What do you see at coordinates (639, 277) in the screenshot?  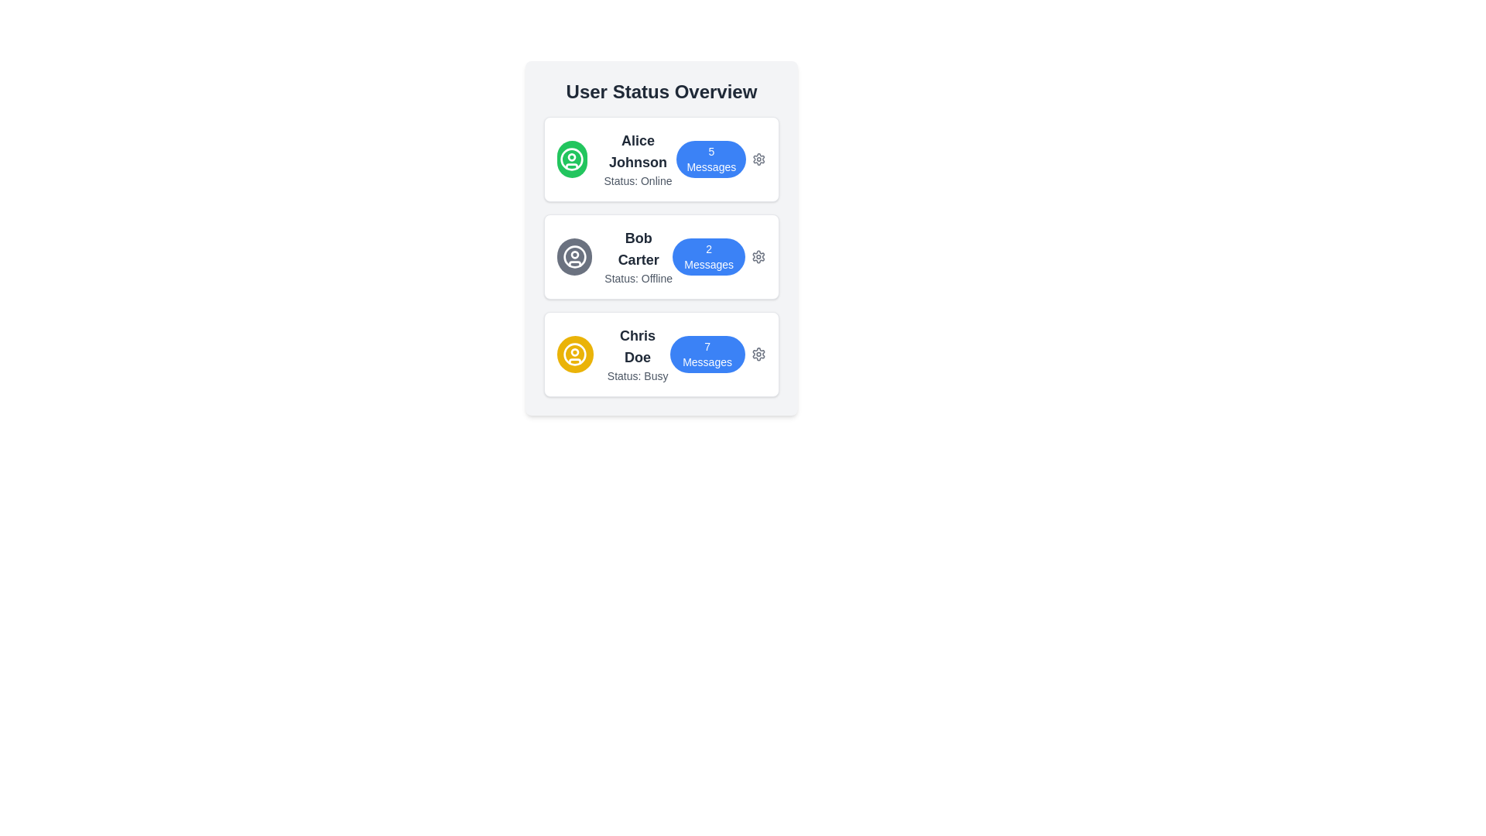 I see `the text label indicating the online status of 'Bob Carter', which is positioned below the name in the second card of the overview list` at bounding box center [639, 277].